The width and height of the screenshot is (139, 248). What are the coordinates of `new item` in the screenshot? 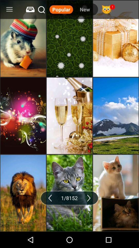 It's located at (85, 9).